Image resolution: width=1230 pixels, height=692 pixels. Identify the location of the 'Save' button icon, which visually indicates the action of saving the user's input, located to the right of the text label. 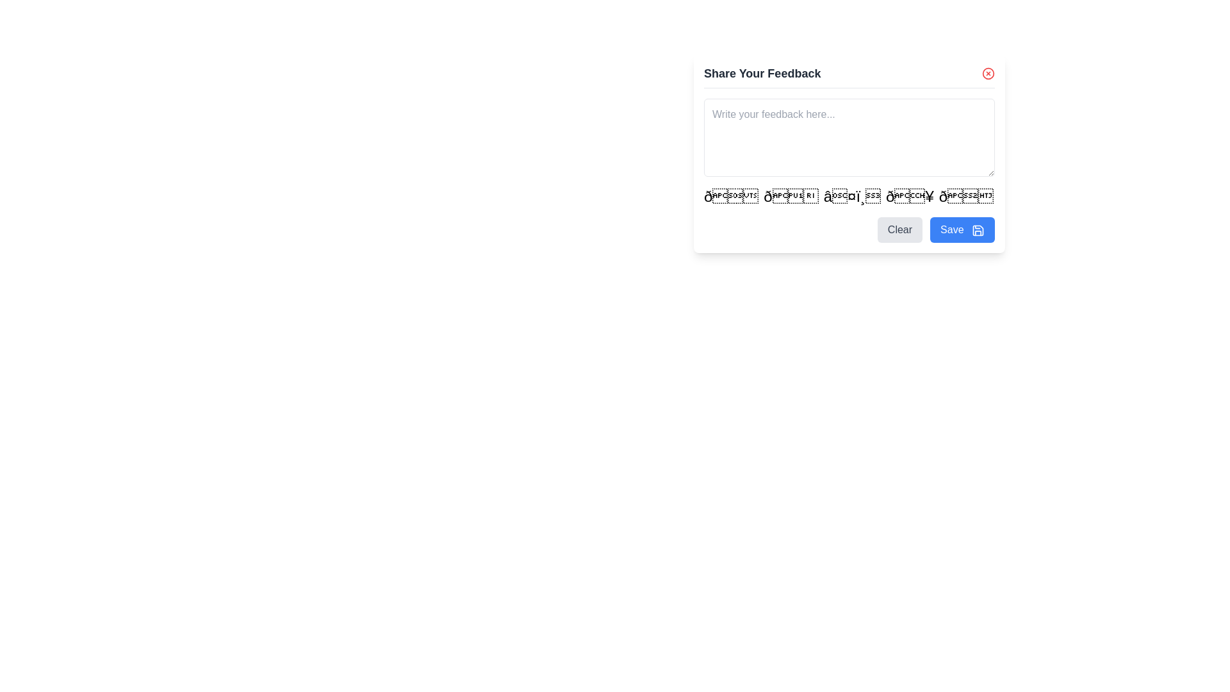
(977, 229).